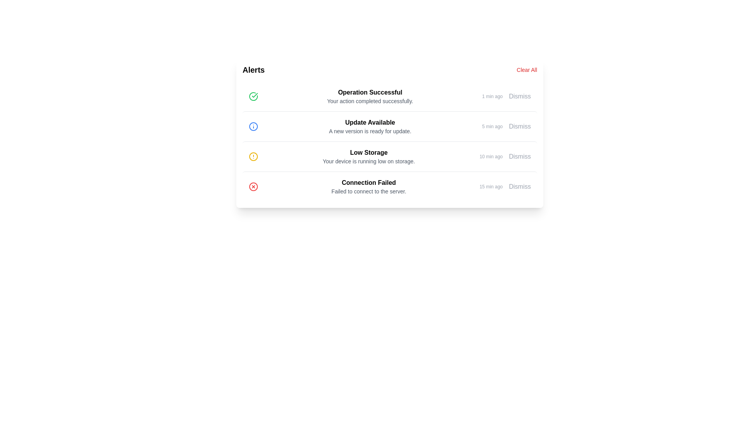  Describe the element at coordinates (253, 96) in the screenshot. I see `the outer circular graphical shape of the green checkmark icon that represents successful operations, located next to the 'Operation Successful' text in the alerts list` at that location.